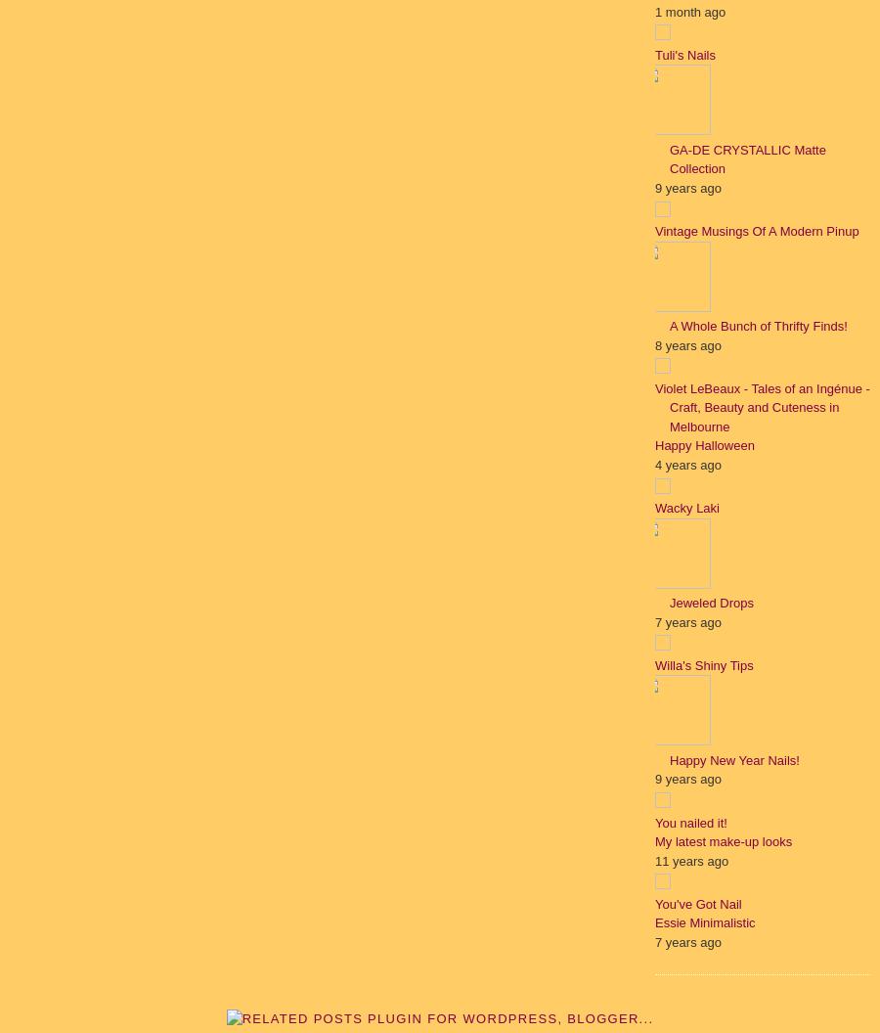 Image resolution: width=880 pixels, height=1033 pixels. I want to click on 'Wacky Laki', so click(685, 507).